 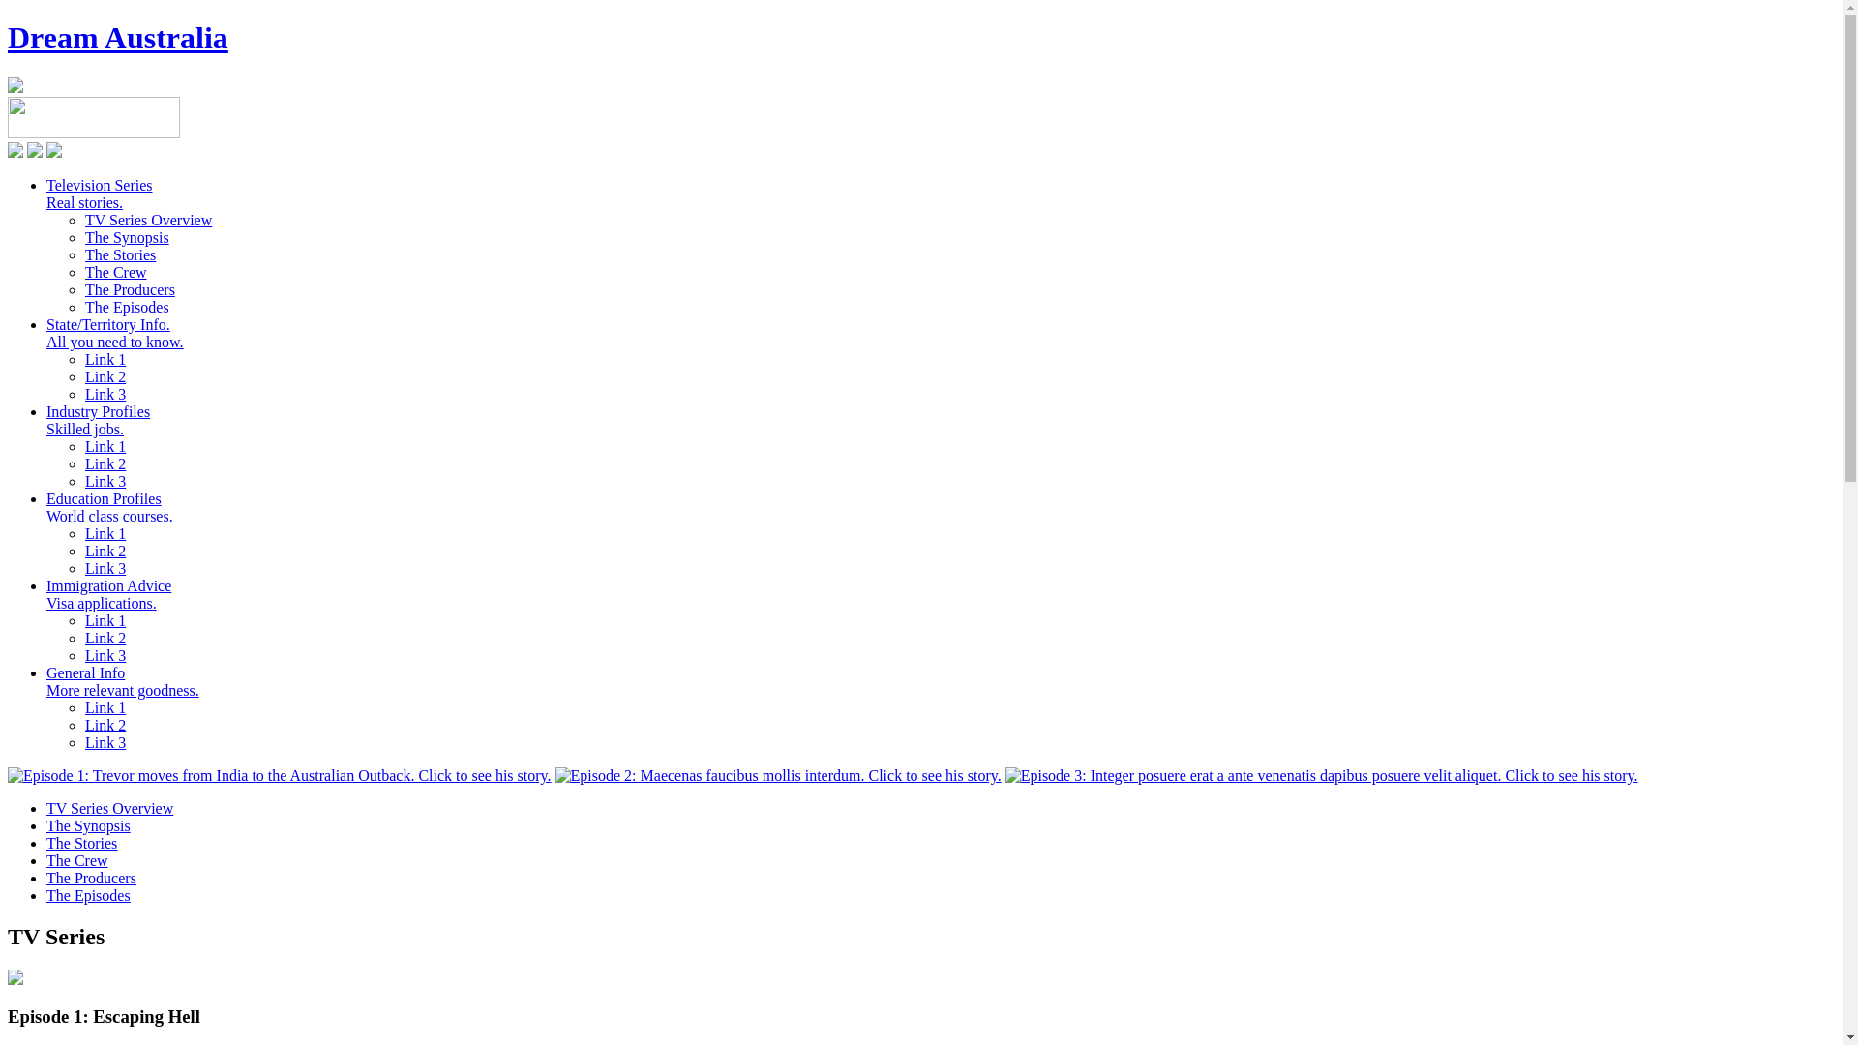 I want to click on 'Link 2', so click(x=105, y=638).